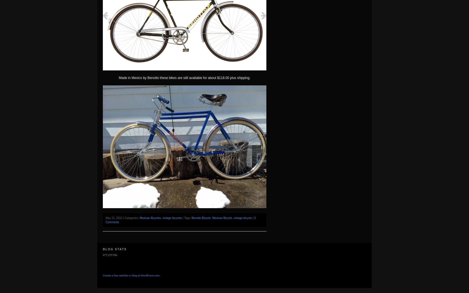 Image resolution: width=469 pixels, height=293 pixels. I want to click on 'Create a free website or blog at WordPress.com.', so click(131, 275).